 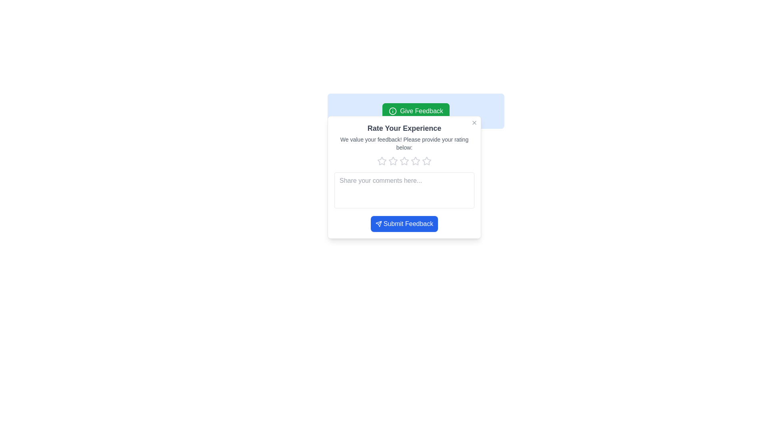 What do you see at coordinates (474, 123) in the screenshot?
I see `the close button located at the upper-right corner of the feedback form` at bounding box center [474, 123].